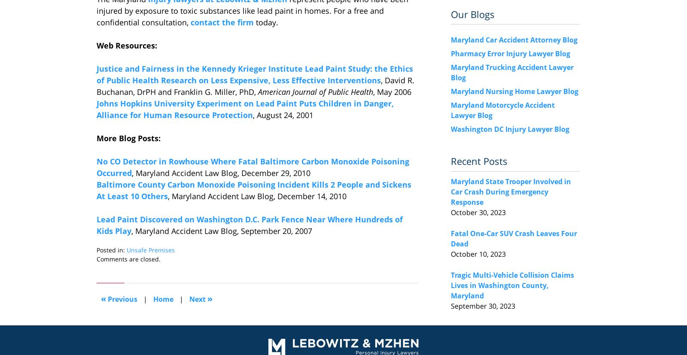 Image resolution: width=687 pixels, height=355 pixels. What do you see at coordinates (512, 72) in the screenshot?
I see `'Maryland Trucking Accident Lawyer Blog'` at bounding box center [512, 72].